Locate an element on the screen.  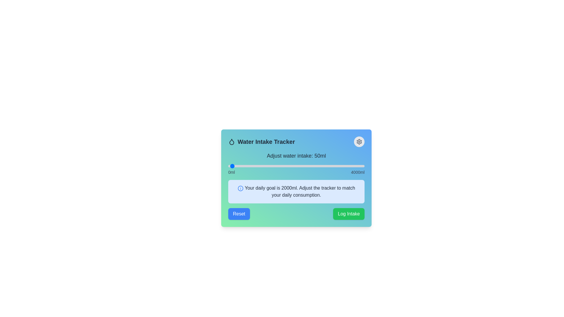
the cogwheel icon located in the top right corner of the 'Water Intake Tracker' card is located at coordinates (359, 141).